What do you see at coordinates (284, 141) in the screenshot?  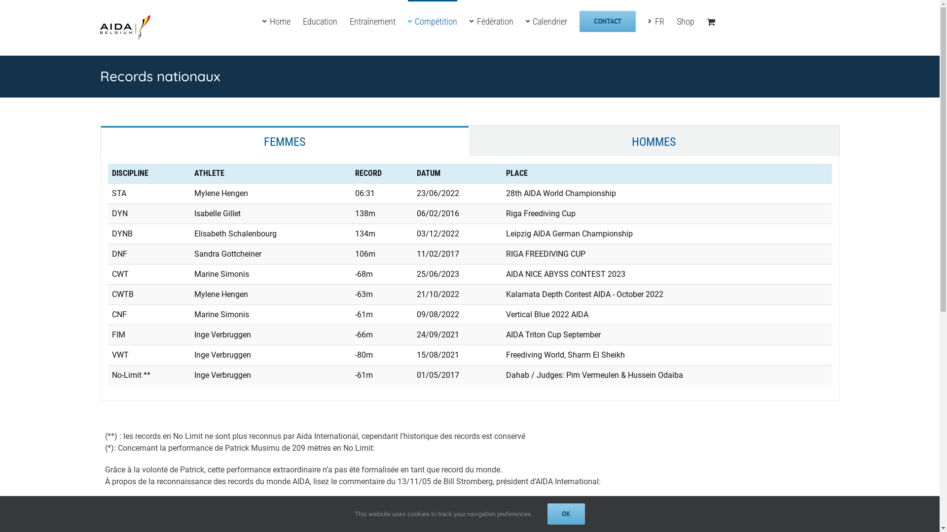 I see `'FEMMES'` at bounding box center [284, 141].